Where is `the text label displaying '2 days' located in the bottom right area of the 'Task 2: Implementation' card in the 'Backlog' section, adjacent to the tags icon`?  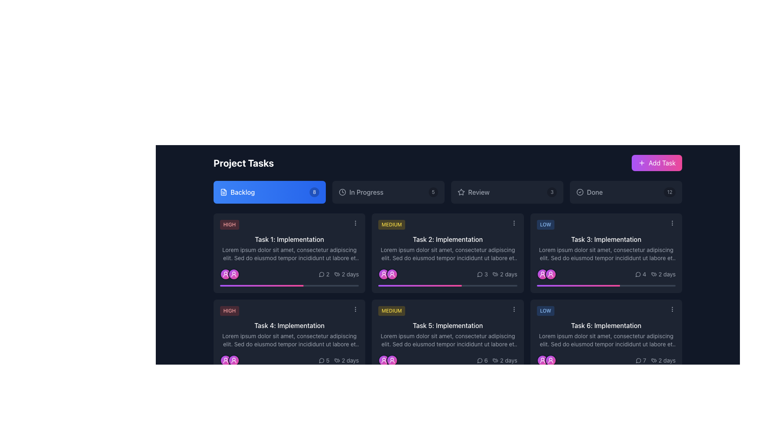
the text label displaying '2 days' located in the bottom right area of the 'Task 2: Implementation' card in the 'Backlog' section, adjacent to the tags icon is located at coordinates (497, 274).